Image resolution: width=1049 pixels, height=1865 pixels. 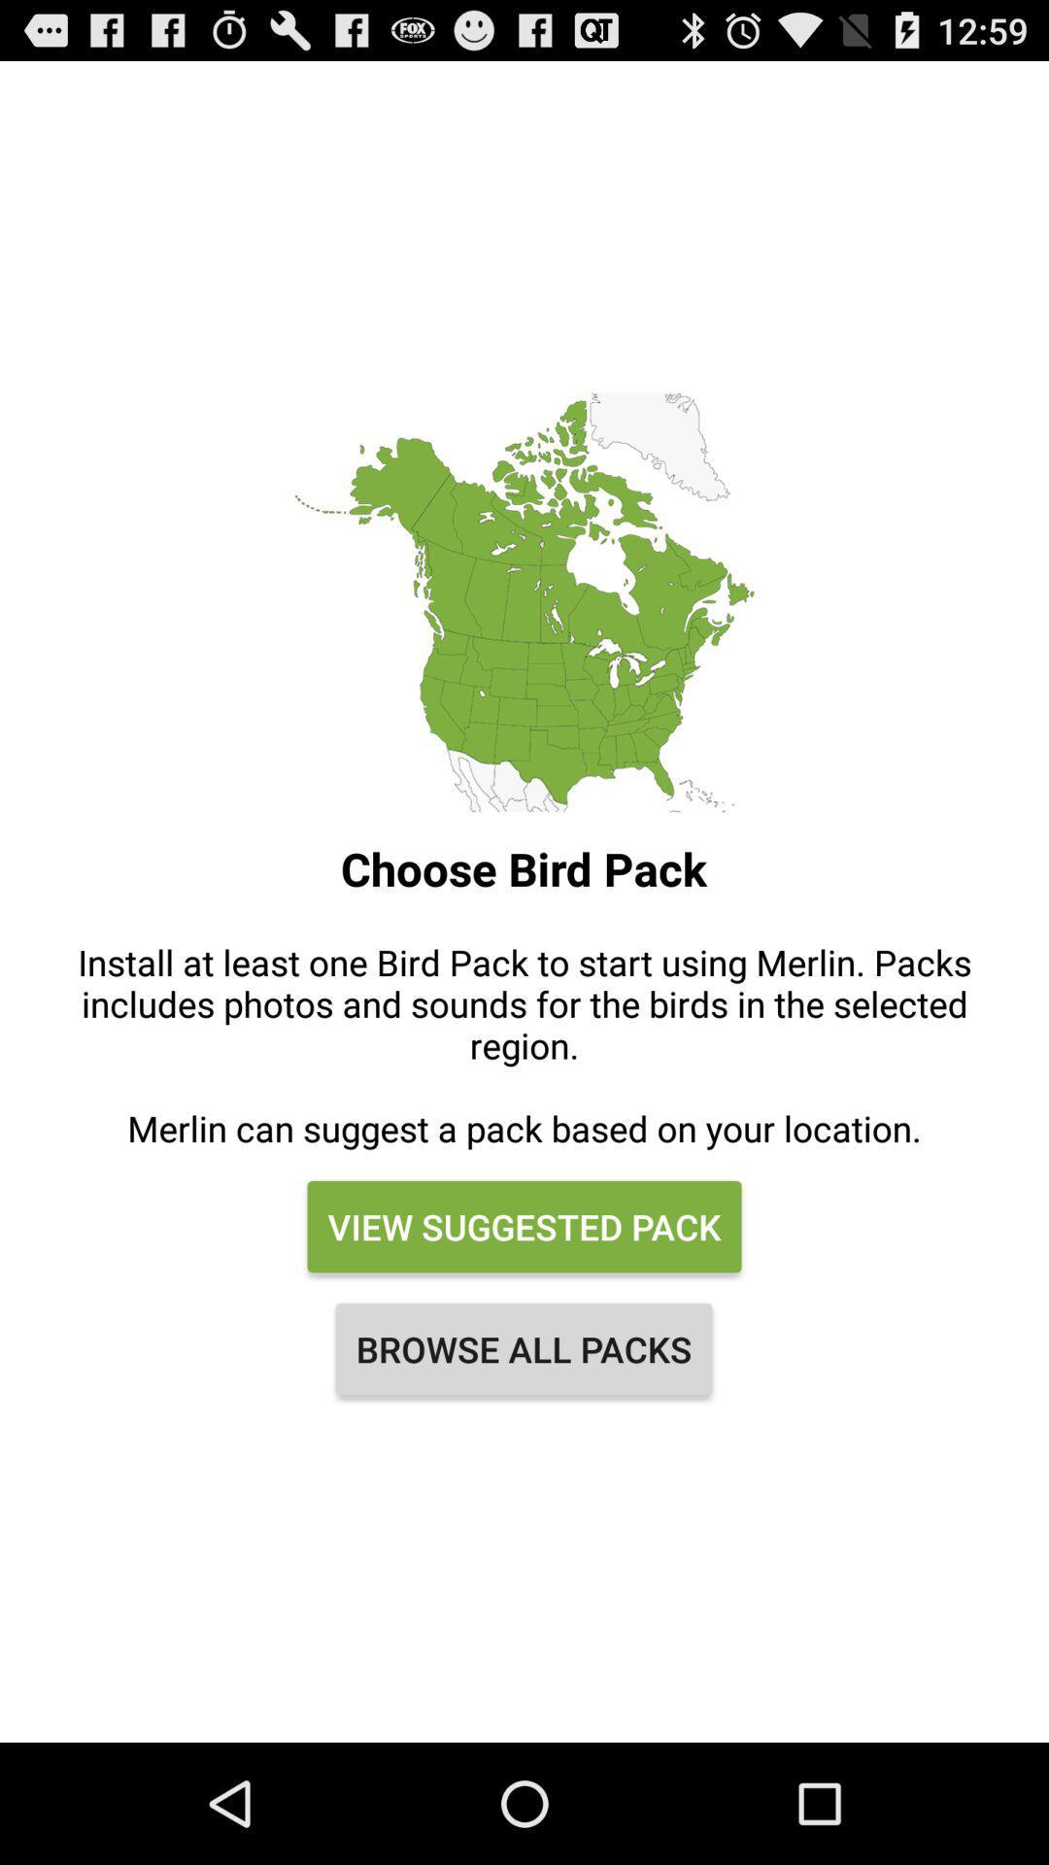 What do you see at coordinates (523, 1347) in the screenshot?
I see `the icon at the bottom` at bounding box center [523, 1347].